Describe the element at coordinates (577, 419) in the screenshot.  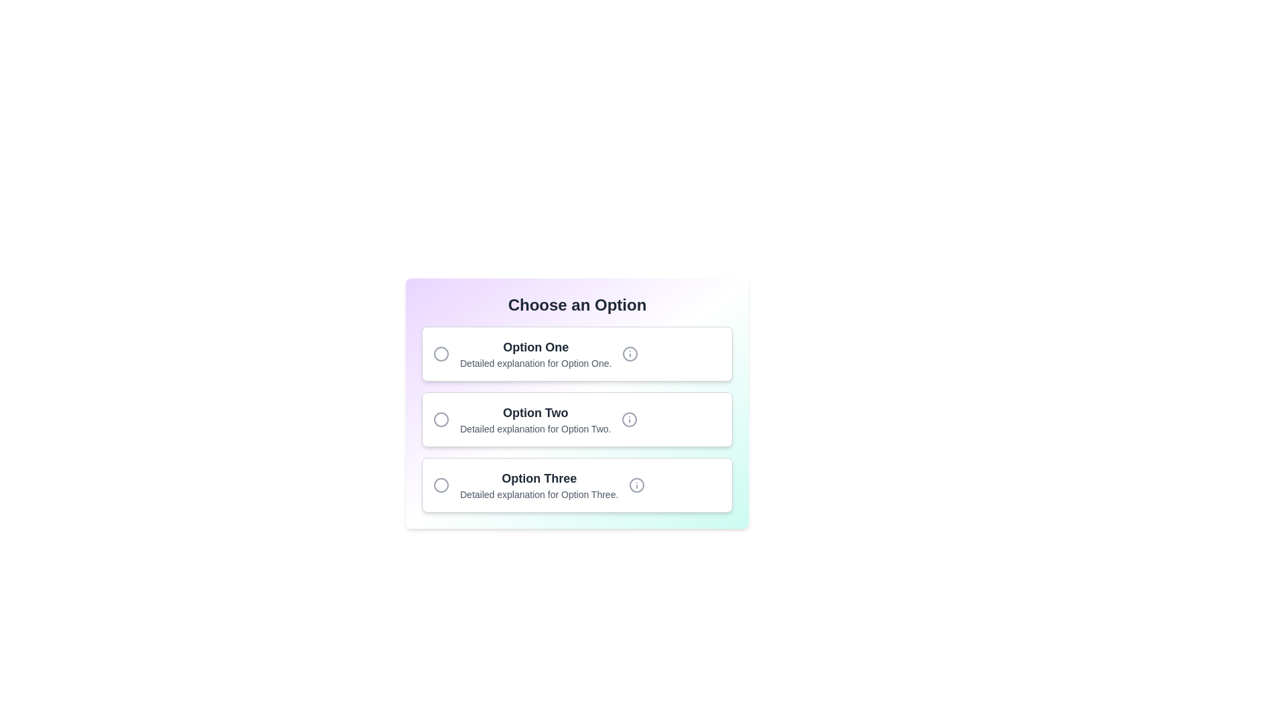
I see `to select the 'Option Two' element, which is the second option in the vertical selection group titled 'Choose an Option'` at that location.